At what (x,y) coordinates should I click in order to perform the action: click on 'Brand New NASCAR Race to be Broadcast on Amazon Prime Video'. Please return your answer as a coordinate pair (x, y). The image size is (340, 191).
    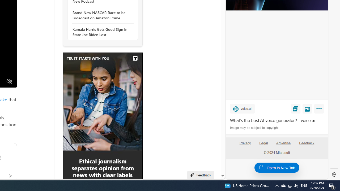
    Looking at the image, I should click on (101, 15).